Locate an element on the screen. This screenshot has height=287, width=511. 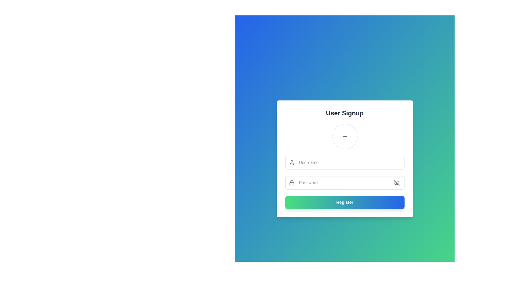
the 'Register' button, which is a rectangular button with a gradient background from green to blue, located at the bottom of the 'User Signup' form is located at coordinates (345, 202).